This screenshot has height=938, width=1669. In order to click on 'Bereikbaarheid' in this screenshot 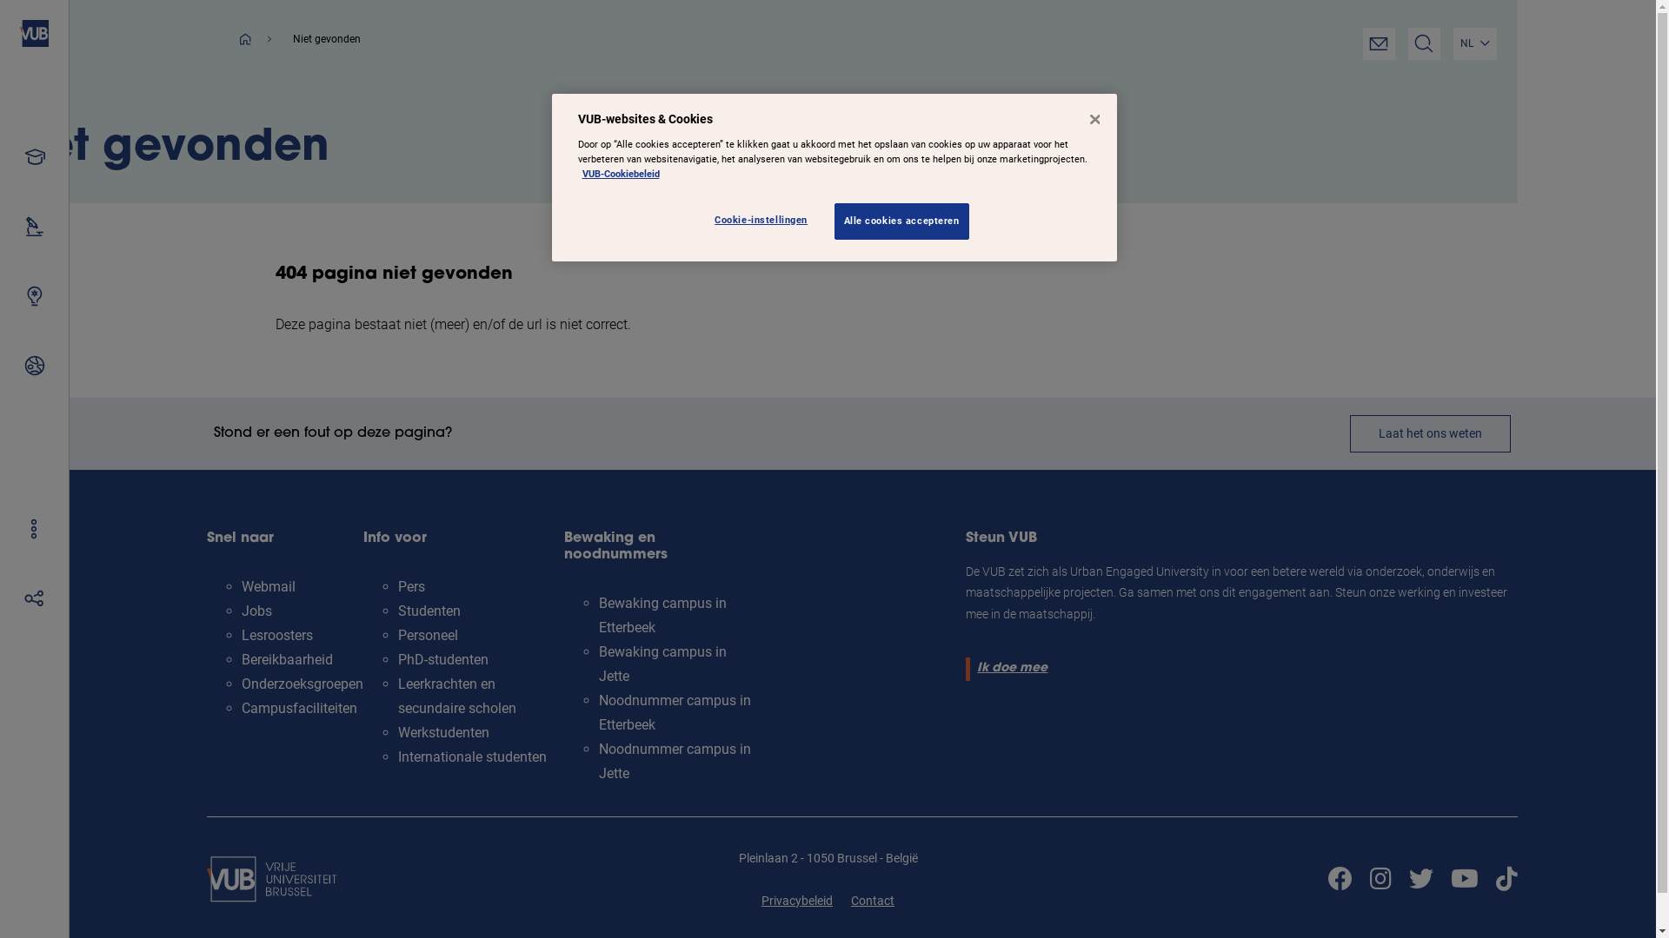, I will do `click(287, 659)`.